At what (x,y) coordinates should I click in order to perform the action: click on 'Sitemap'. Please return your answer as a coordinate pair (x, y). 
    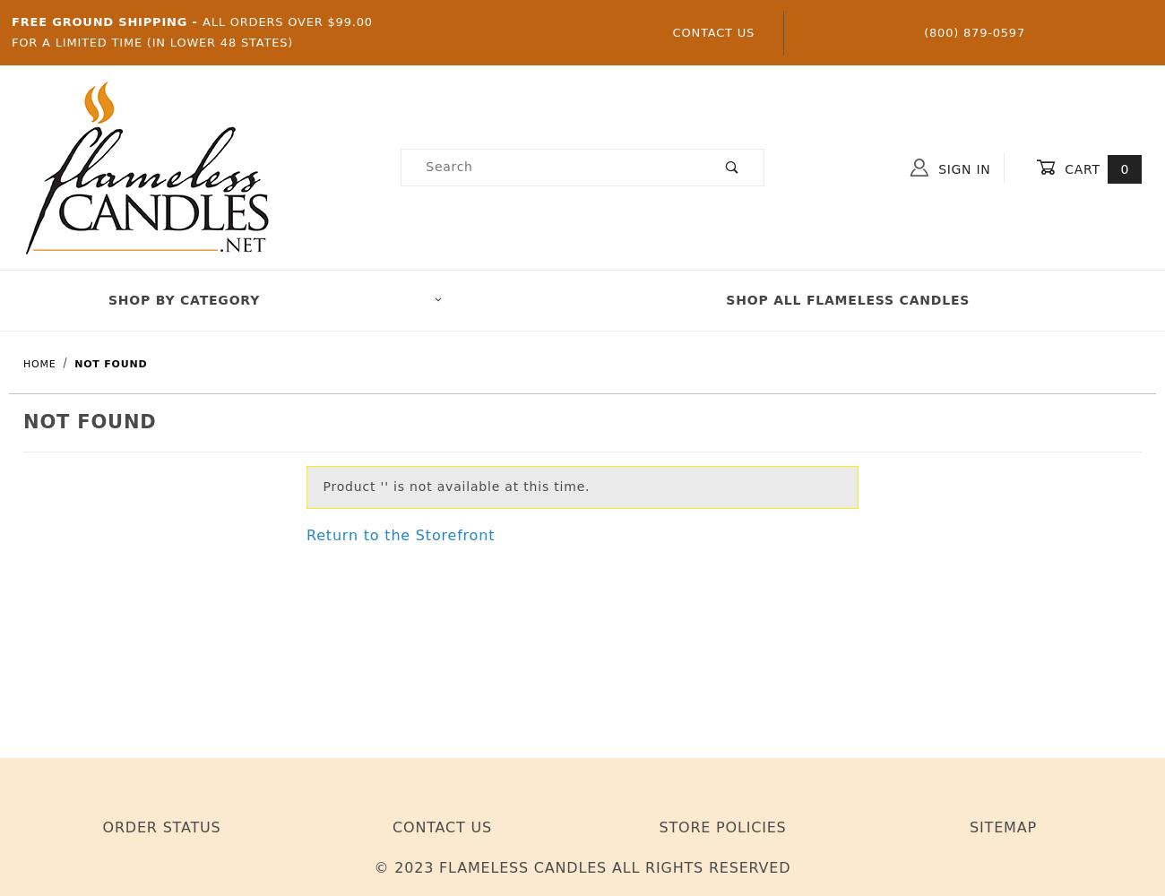
    Looking at the image, I should click on (1002, 827).